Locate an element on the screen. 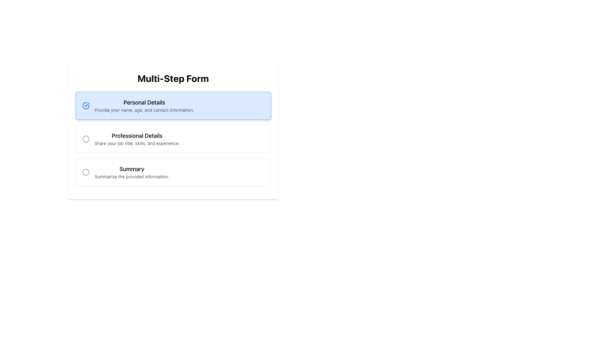 The height and width of the screenshot is (339, 602). the radio button located to the left of the 'Summary' title is located at coordinates (85, 172).